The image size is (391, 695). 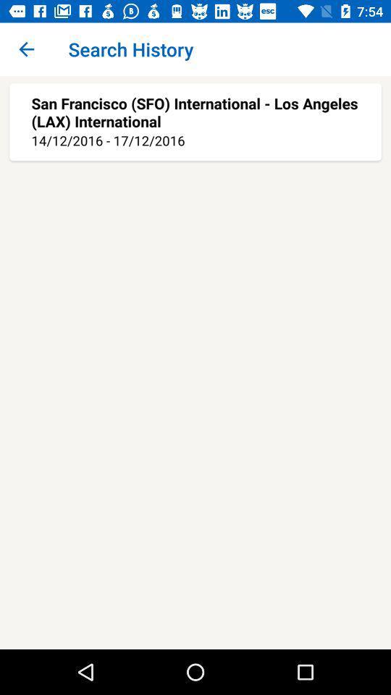 I want to click on the icon below the san francisco sfo, so click(x=195, y=140).